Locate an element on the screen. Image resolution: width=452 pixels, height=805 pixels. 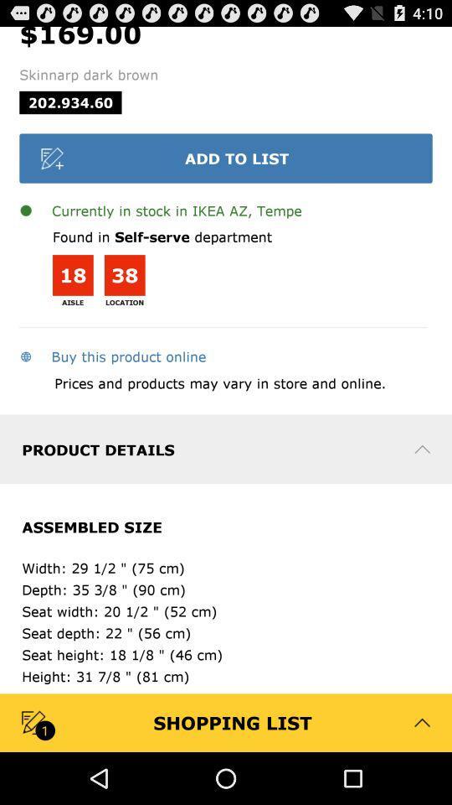
the drop down symbol beside product details is located at coordinates (421, 449).